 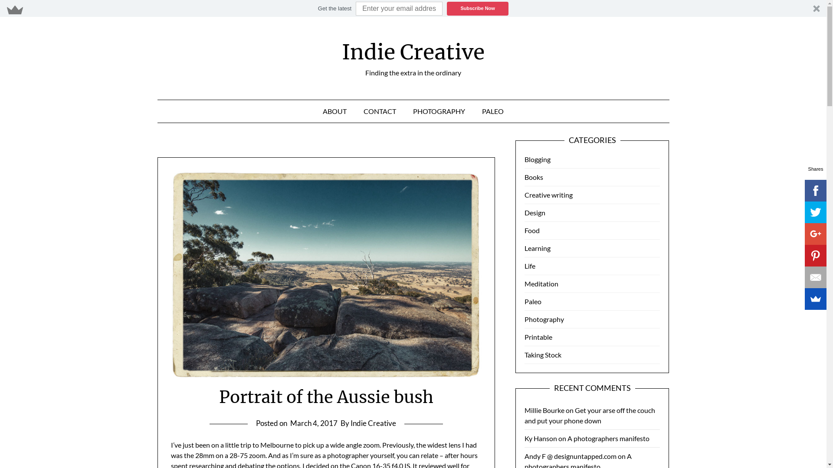 I want to click on 'PHOTOGRAPHY', so click(x=439, y=111).